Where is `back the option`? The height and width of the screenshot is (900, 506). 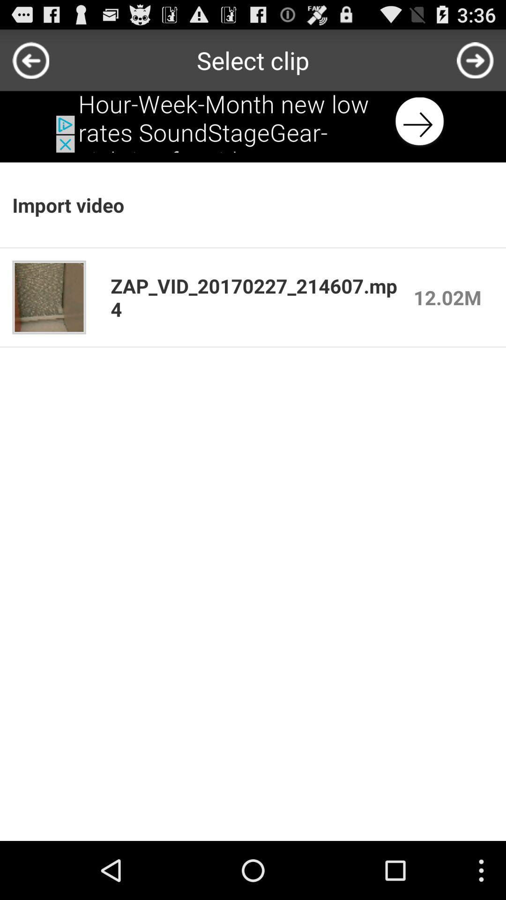 back the option is located at coordinates (253, 121).